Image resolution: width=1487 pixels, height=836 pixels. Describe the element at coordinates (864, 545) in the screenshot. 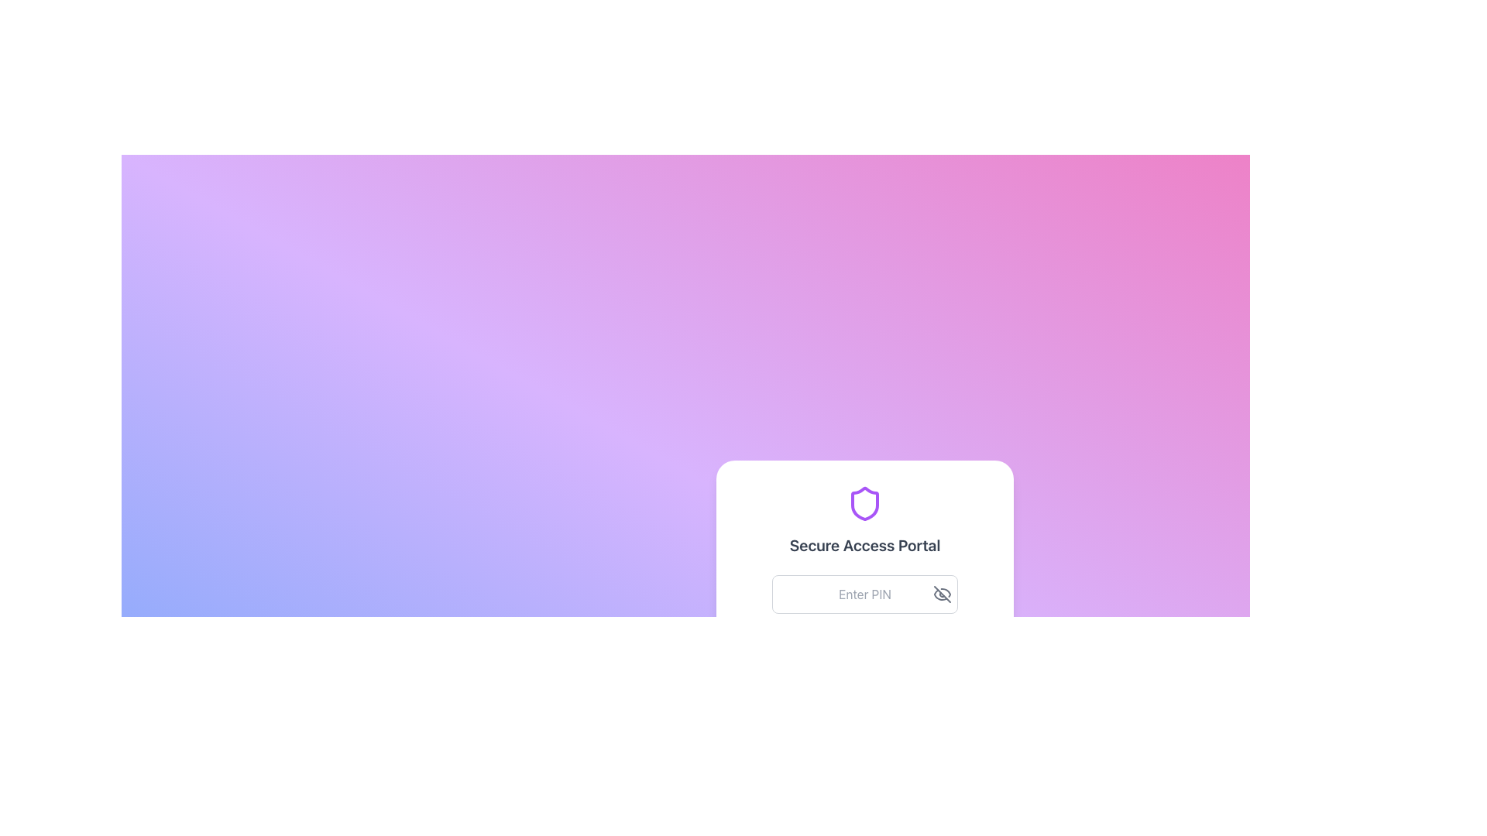

I see `text label that reads 'Secure Access Portal', which is styled in a large, bold gray font and positioned below a shield icon` at that location.